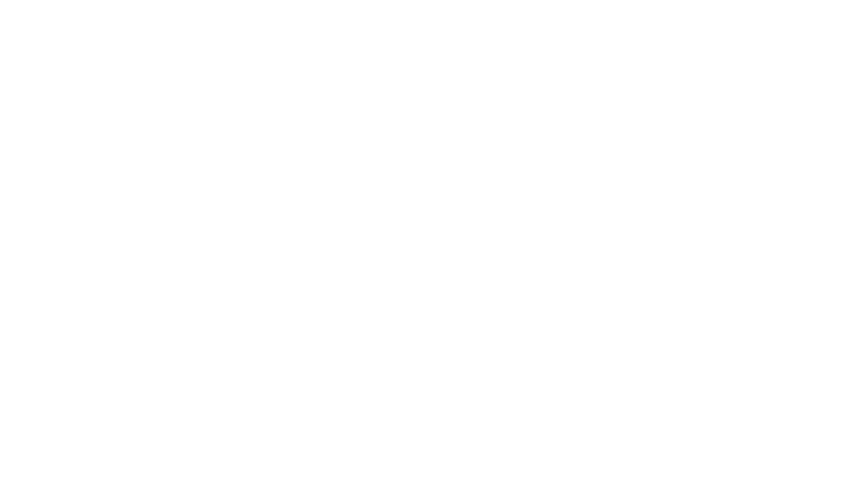  What do you see at coordinates (260, 133) in the screenshot?
I see `'And yet I remind you of Friedel’s philosophy: Competition in training —'` at bounding box center [260, 133].